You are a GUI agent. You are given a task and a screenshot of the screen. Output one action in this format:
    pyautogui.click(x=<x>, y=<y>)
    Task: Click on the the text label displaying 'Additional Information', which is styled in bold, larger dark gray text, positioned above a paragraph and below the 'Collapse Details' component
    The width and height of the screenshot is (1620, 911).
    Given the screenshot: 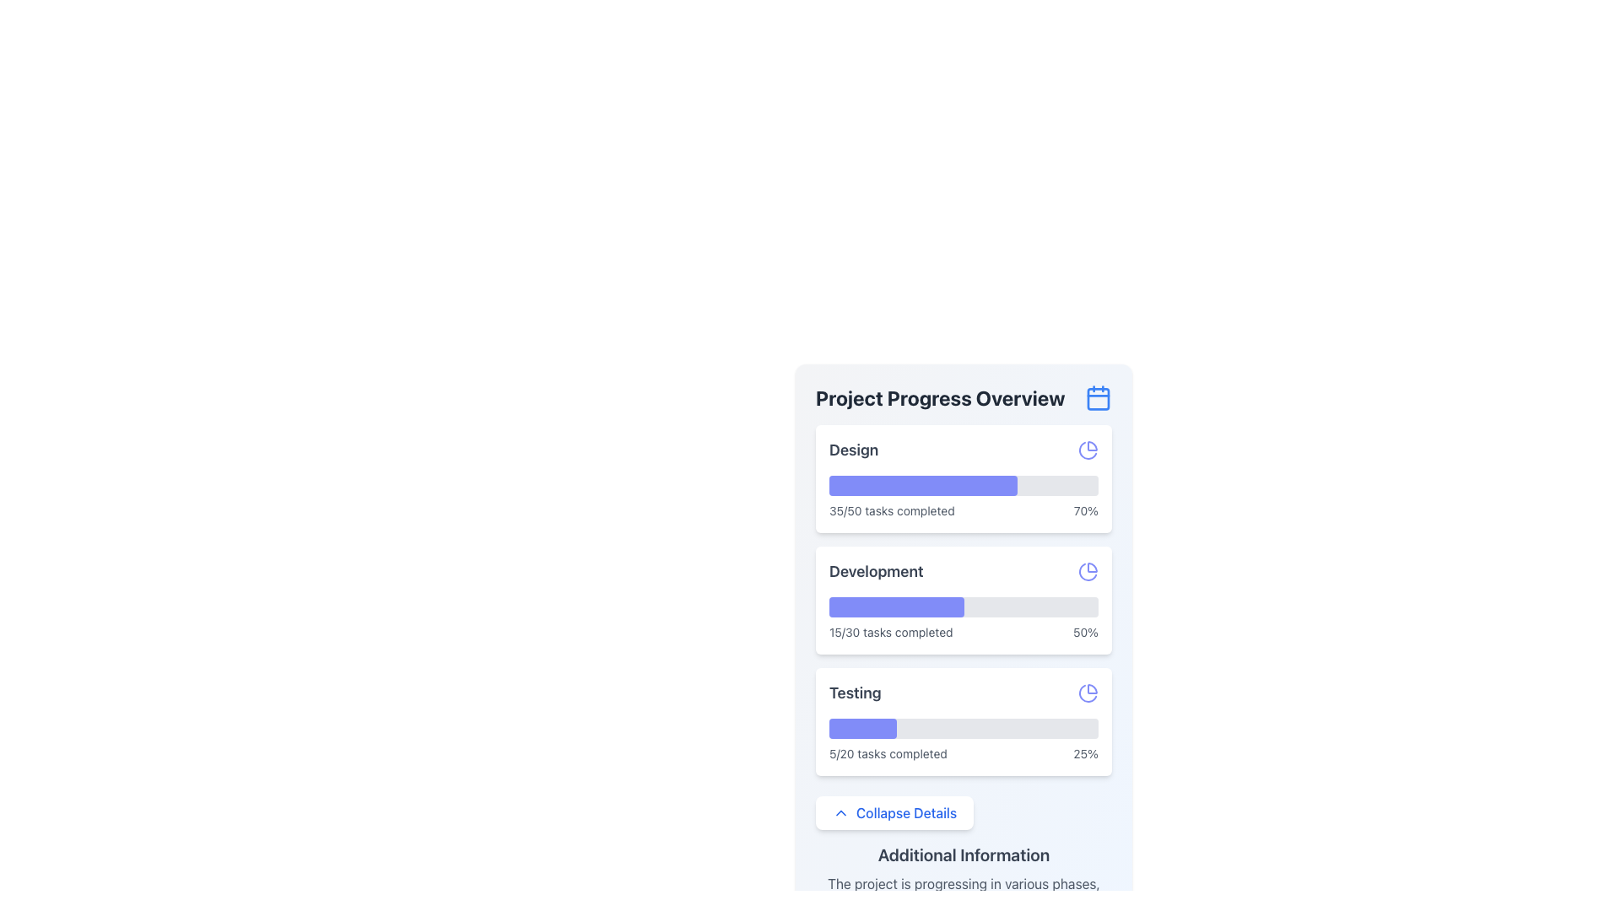 What is the action you would take?
    pyautogui.click(x=964, y=855)
    